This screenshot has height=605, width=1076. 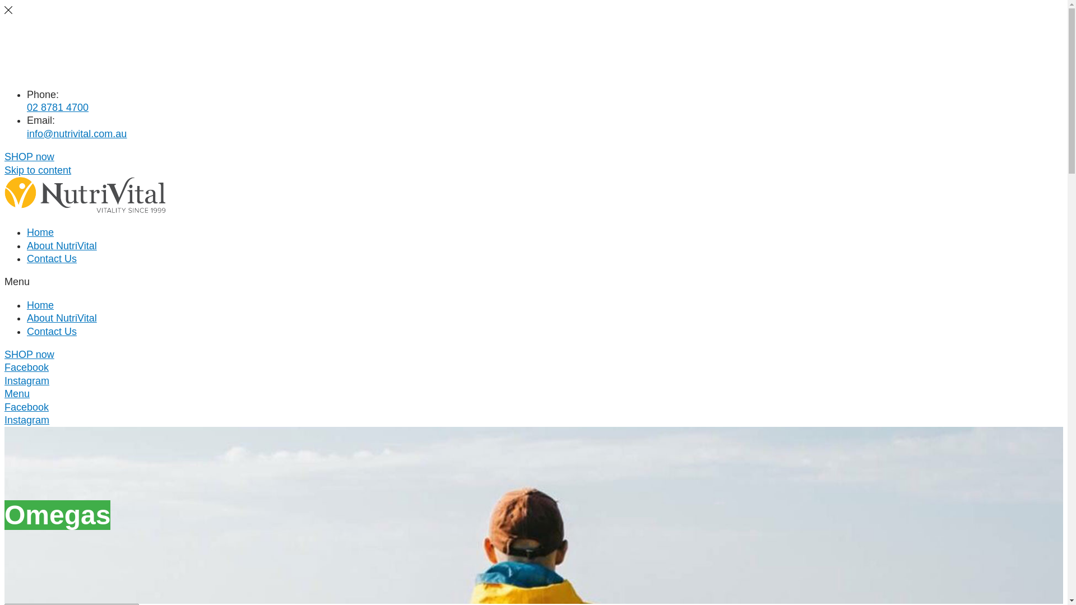 What do you see at coordinates (61, 52) in the screenshot?
I see `'About NutriVital'` at bounding box center [61, 52].